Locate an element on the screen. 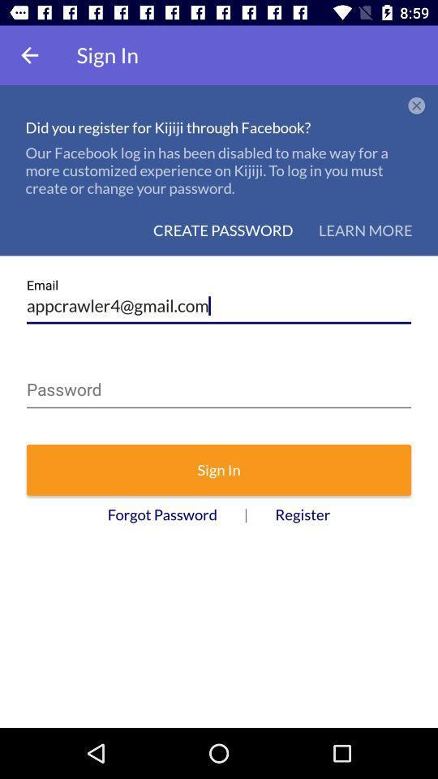 This screenshot has height=779, width=438. the item above the our facebook log item is located at coordinates (416, 105).